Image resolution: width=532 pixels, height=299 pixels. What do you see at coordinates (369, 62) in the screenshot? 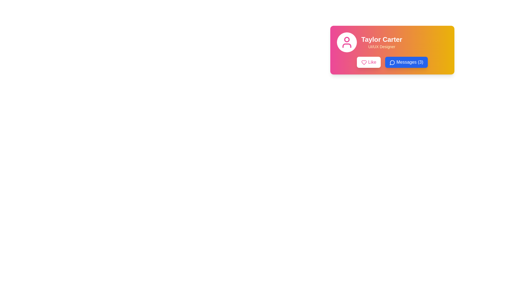
I see `the 'Like' button located to the left of the 'Messages (3)' button, under the user's name` at bounding box center [369, 62].